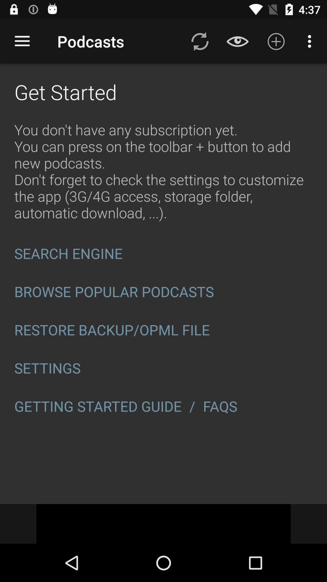 The image size is (327, 582). Describe the element at coordinates (200, 41) in the screenshot. I see `icon to the right of the podcasts item` at that location.